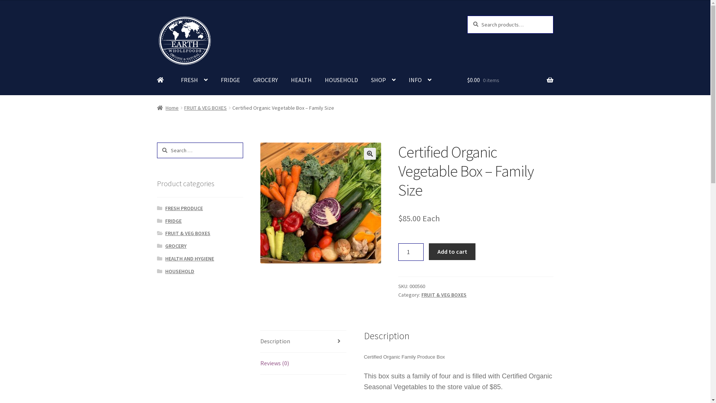 The image size is (716, 403). What do you see at coordinates (452, 252) in the screenshot?
I see `'Add to cart'` at bounding box center [452, 252].